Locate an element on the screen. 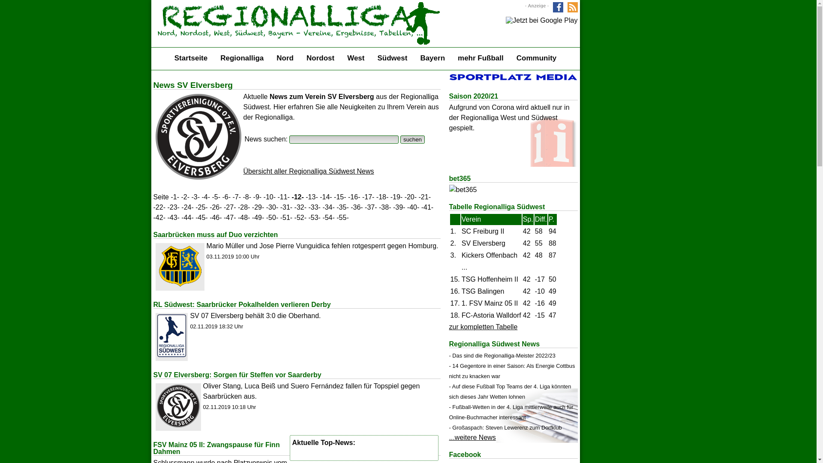 Image resolution: width=823 pixels, height=463 pixels. '-46-' is located at coordinates (216, 217).